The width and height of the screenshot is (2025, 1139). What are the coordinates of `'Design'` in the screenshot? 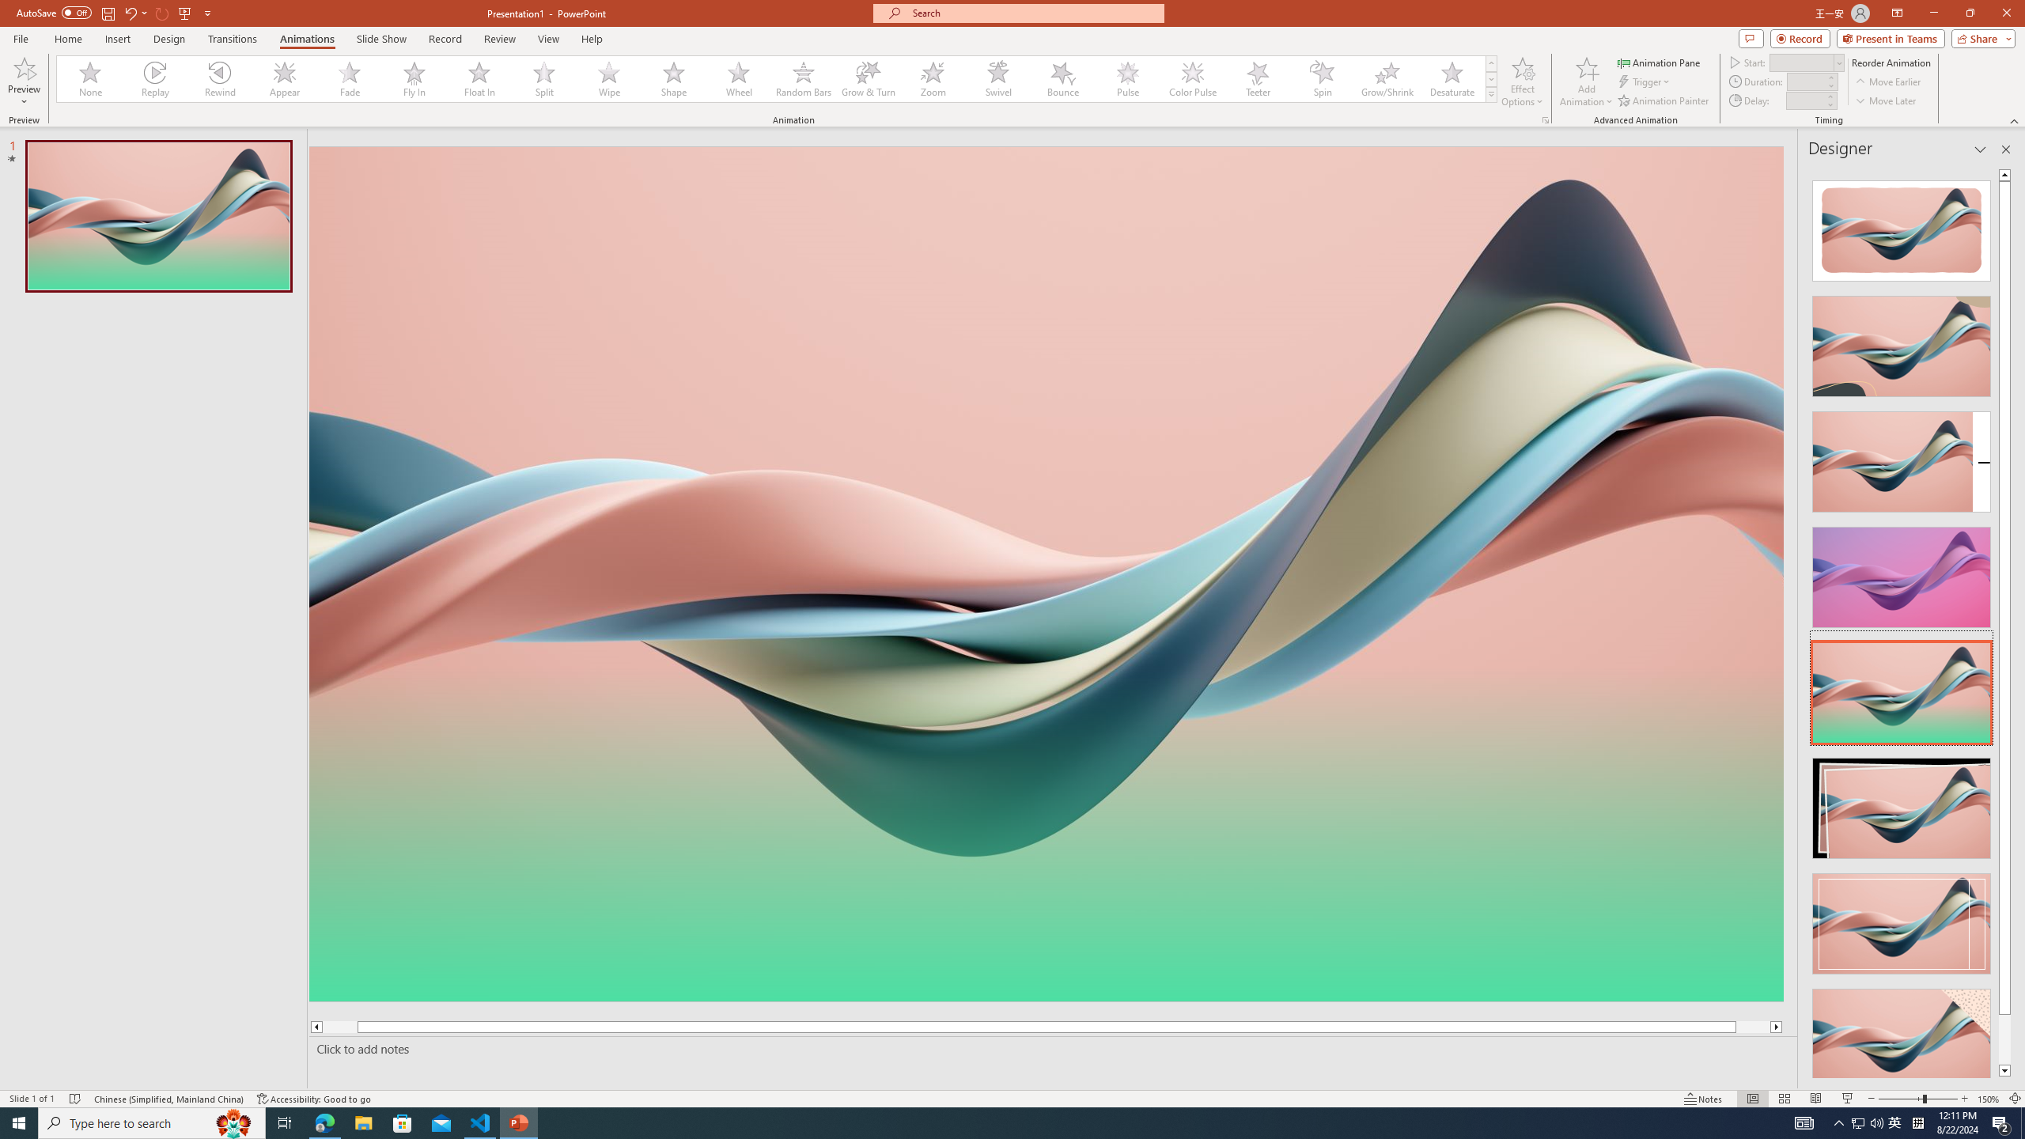 It's located at (170, 39).